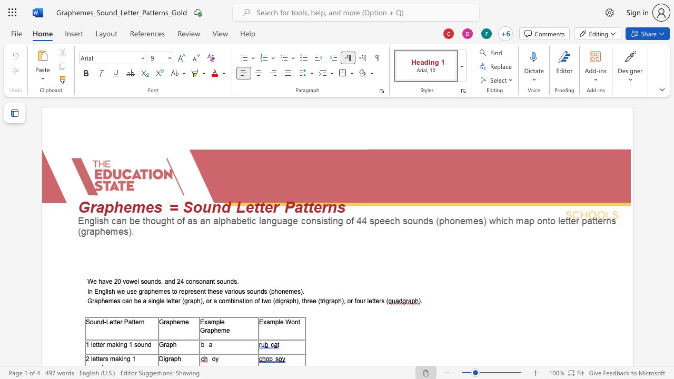 This screenshot has width=674, height=379. What do you see at coordinates (141, 321) in the screenshot?
I see `the space between the continuous character "r" and "n" in the text` at bounding box center [141, 321].